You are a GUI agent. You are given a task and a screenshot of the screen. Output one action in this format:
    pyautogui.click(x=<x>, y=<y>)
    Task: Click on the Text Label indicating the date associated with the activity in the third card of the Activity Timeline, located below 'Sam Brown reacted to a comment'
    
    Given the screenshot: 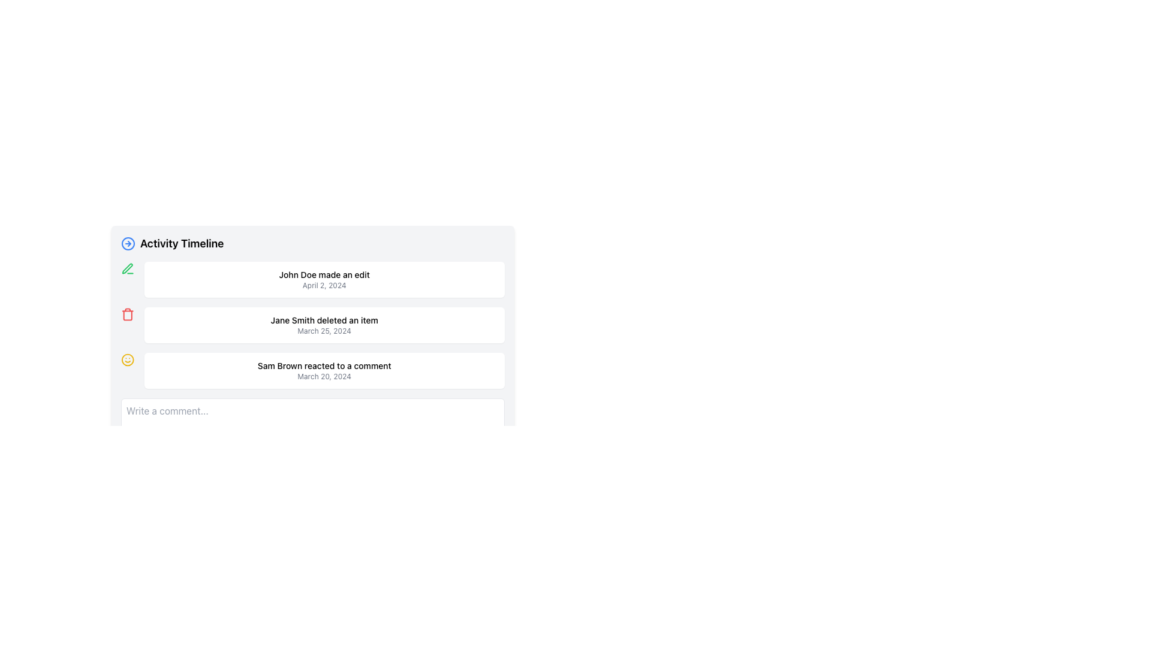 What is the action you would take?
    pyautogui.click(x=324, y=376)
    